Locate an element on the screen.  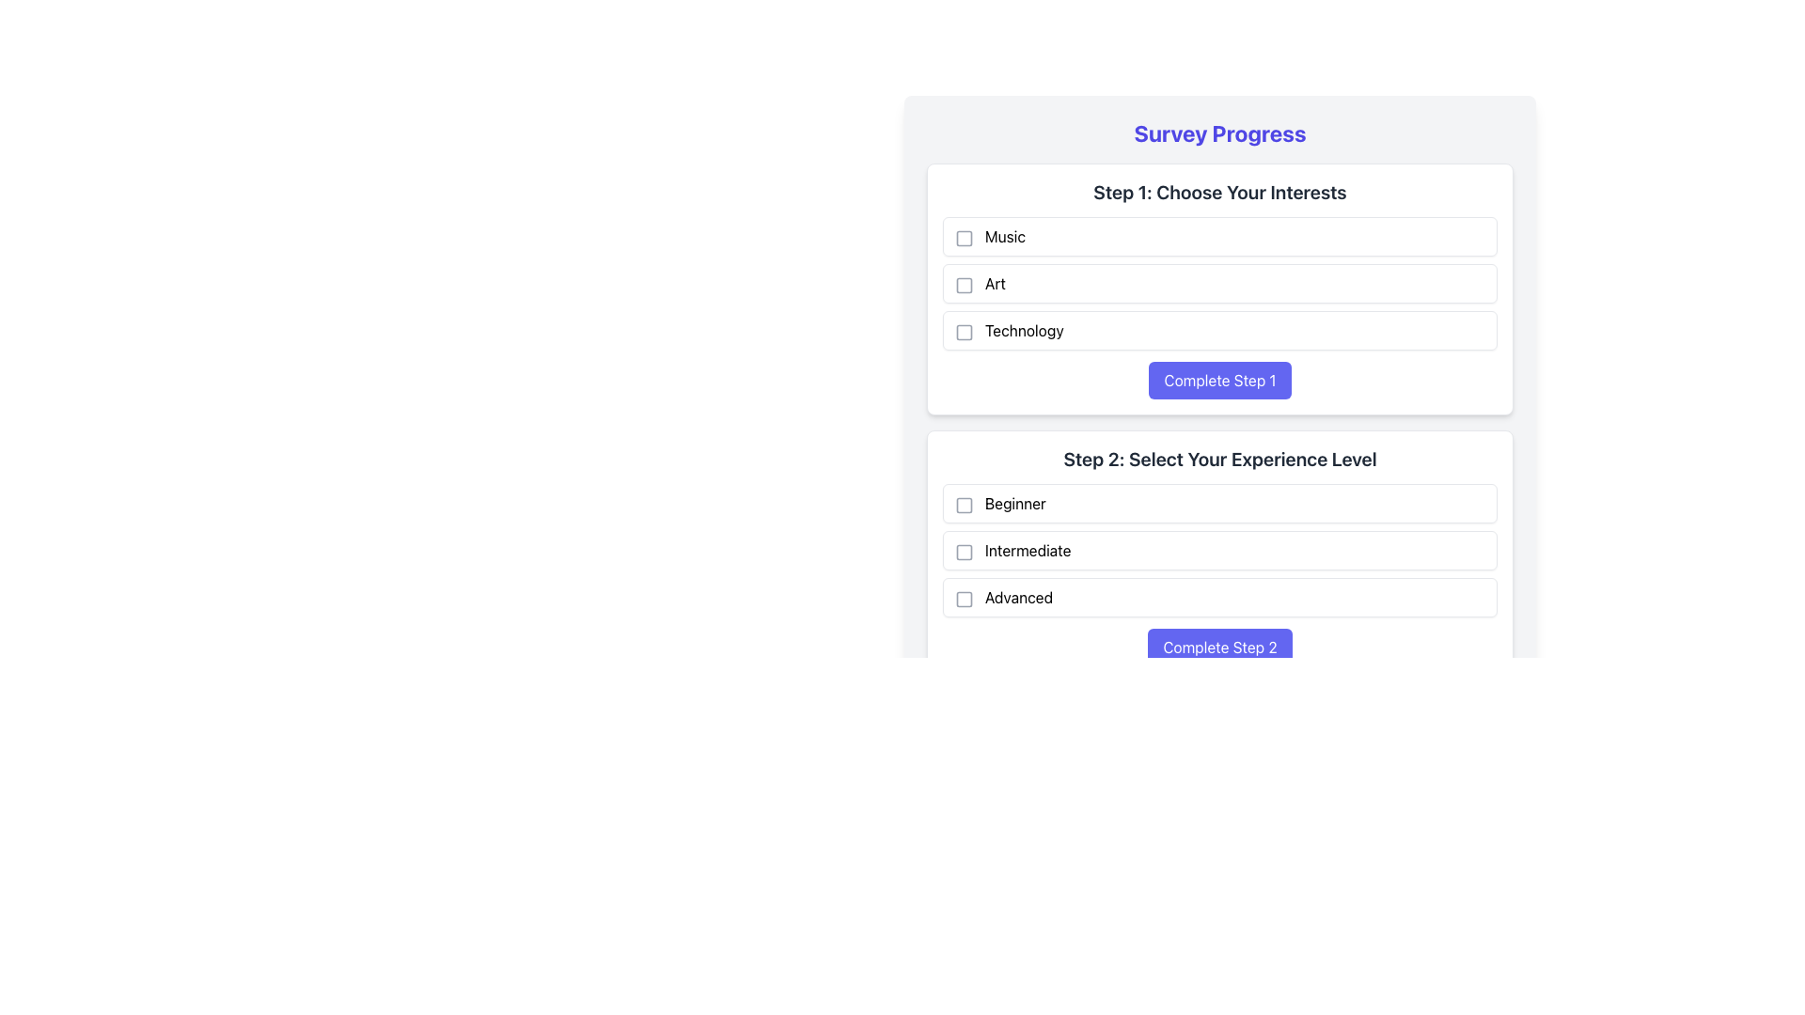
the checkbox for the 'Intermediate' experience level selection, which is located to the left of the text 'Intermediate' in the 'Step 2: Select Your Experience Level' section is located at coordinates (965, 550).